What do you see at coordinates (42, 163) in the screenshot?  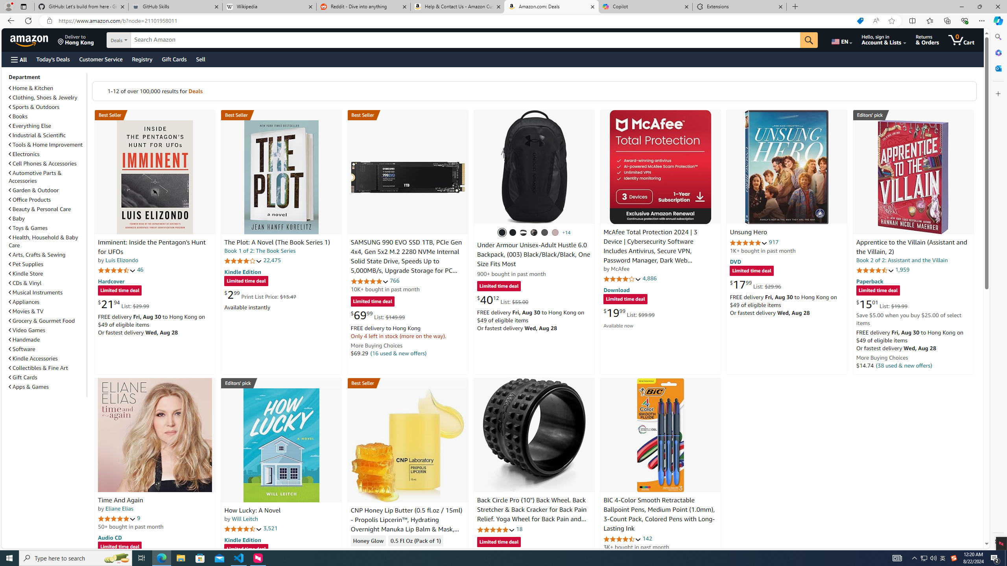 I see `'Cell Phones & Accessories'` at bounding box center [42, 163].